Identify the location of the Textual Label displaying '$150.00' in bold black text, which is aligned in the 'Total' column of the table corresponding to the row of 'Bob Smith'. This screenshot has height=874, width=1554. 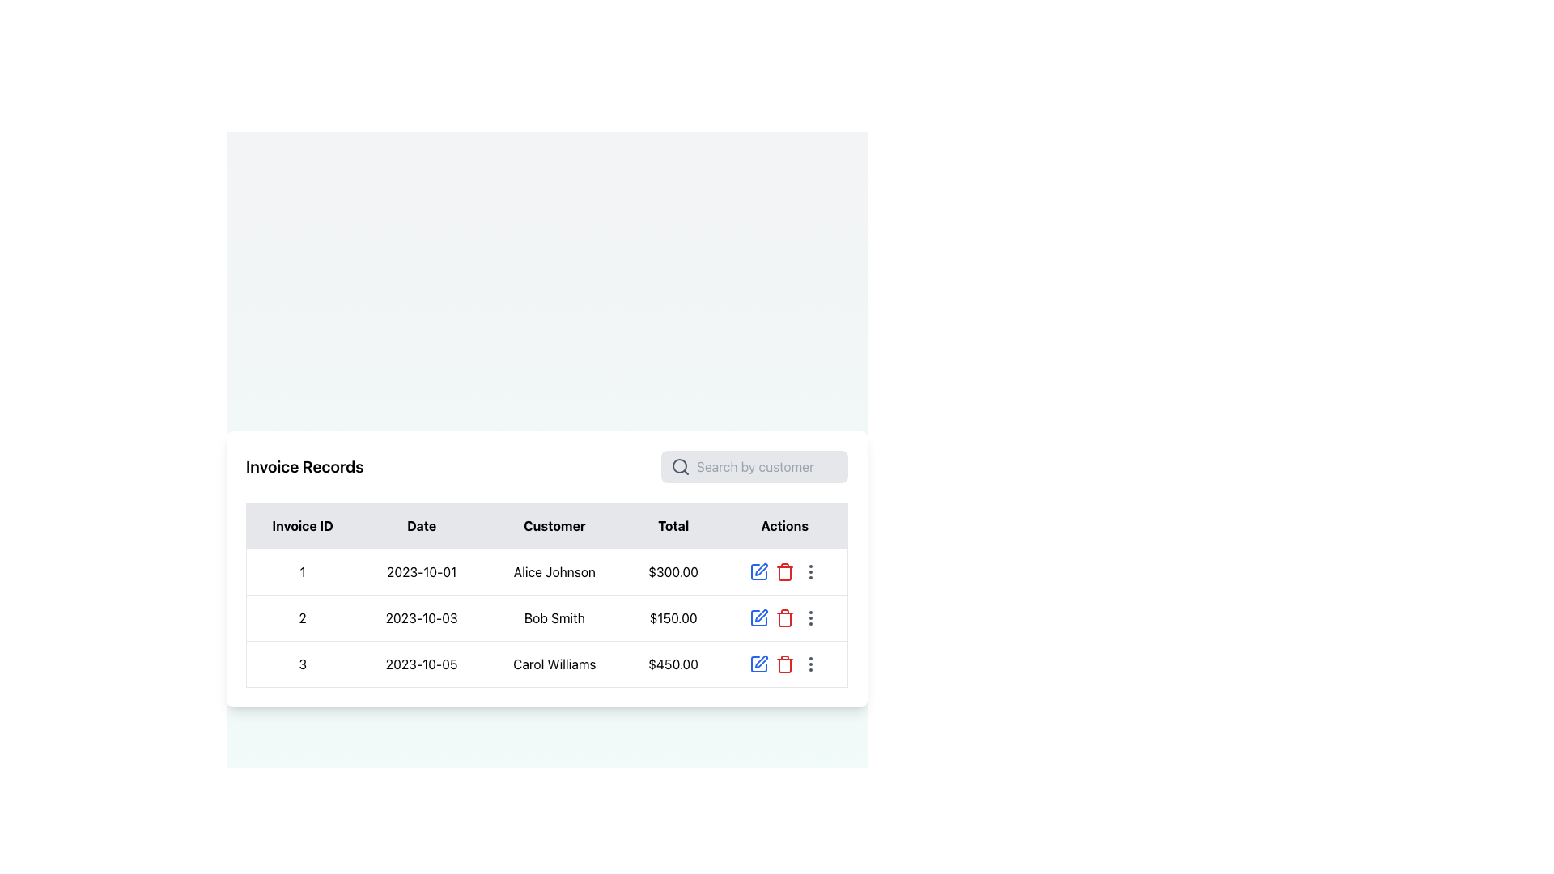
(673, 617).